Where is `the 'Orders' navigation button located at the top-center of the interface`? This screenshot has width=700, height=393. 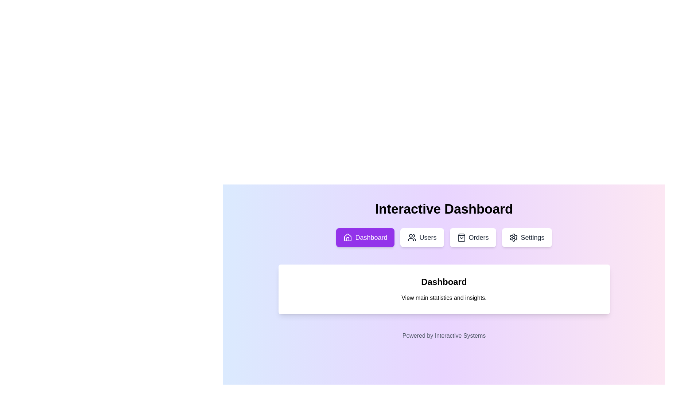 the 'Orders' navigation button located at the top-center of the interface is located at coordinates (472, 237).